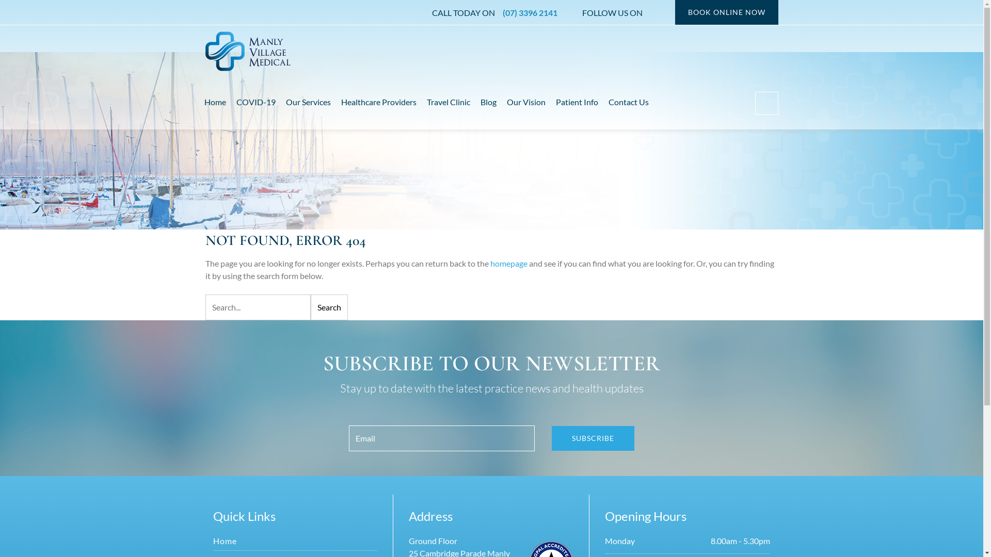 The image size is (991, 557). I want to click on 'homepage', so click(508, 263).